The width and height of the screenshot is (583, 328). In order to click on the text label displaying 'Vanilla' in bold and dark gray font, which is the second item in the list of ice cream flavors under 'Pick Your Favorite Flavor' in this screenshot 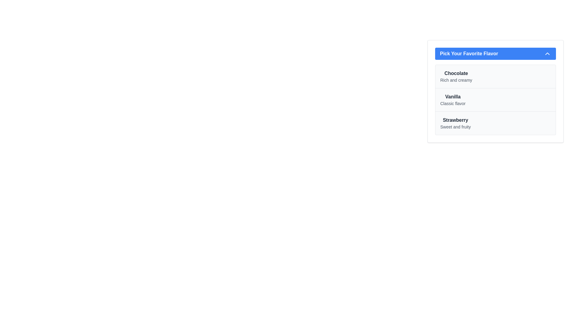, I will do `click(453, 97)`.